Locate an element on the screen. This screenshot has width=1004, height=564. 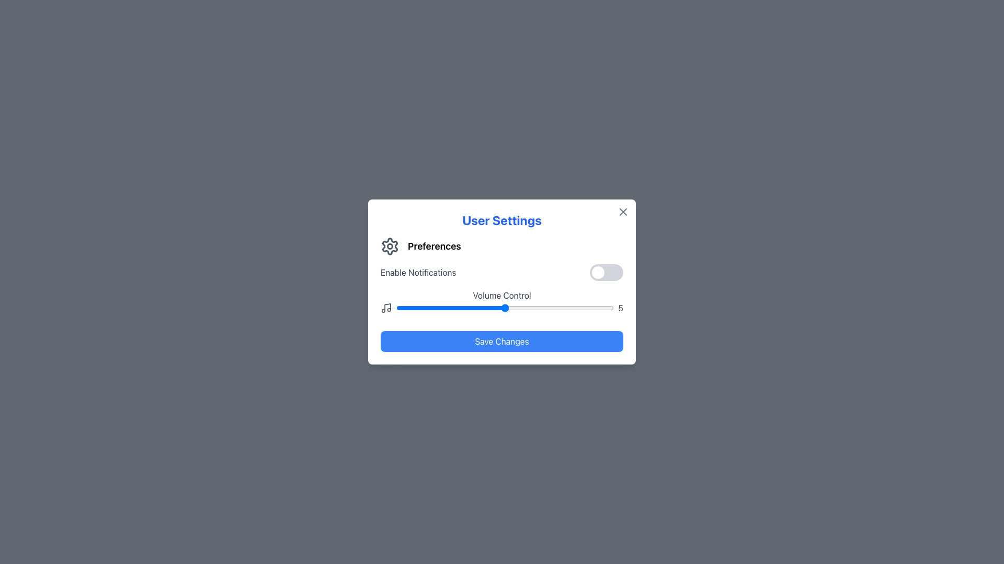
the 'Save Changes' button located at the bottom of the User Settings panel is located at coordinates (502, 342).